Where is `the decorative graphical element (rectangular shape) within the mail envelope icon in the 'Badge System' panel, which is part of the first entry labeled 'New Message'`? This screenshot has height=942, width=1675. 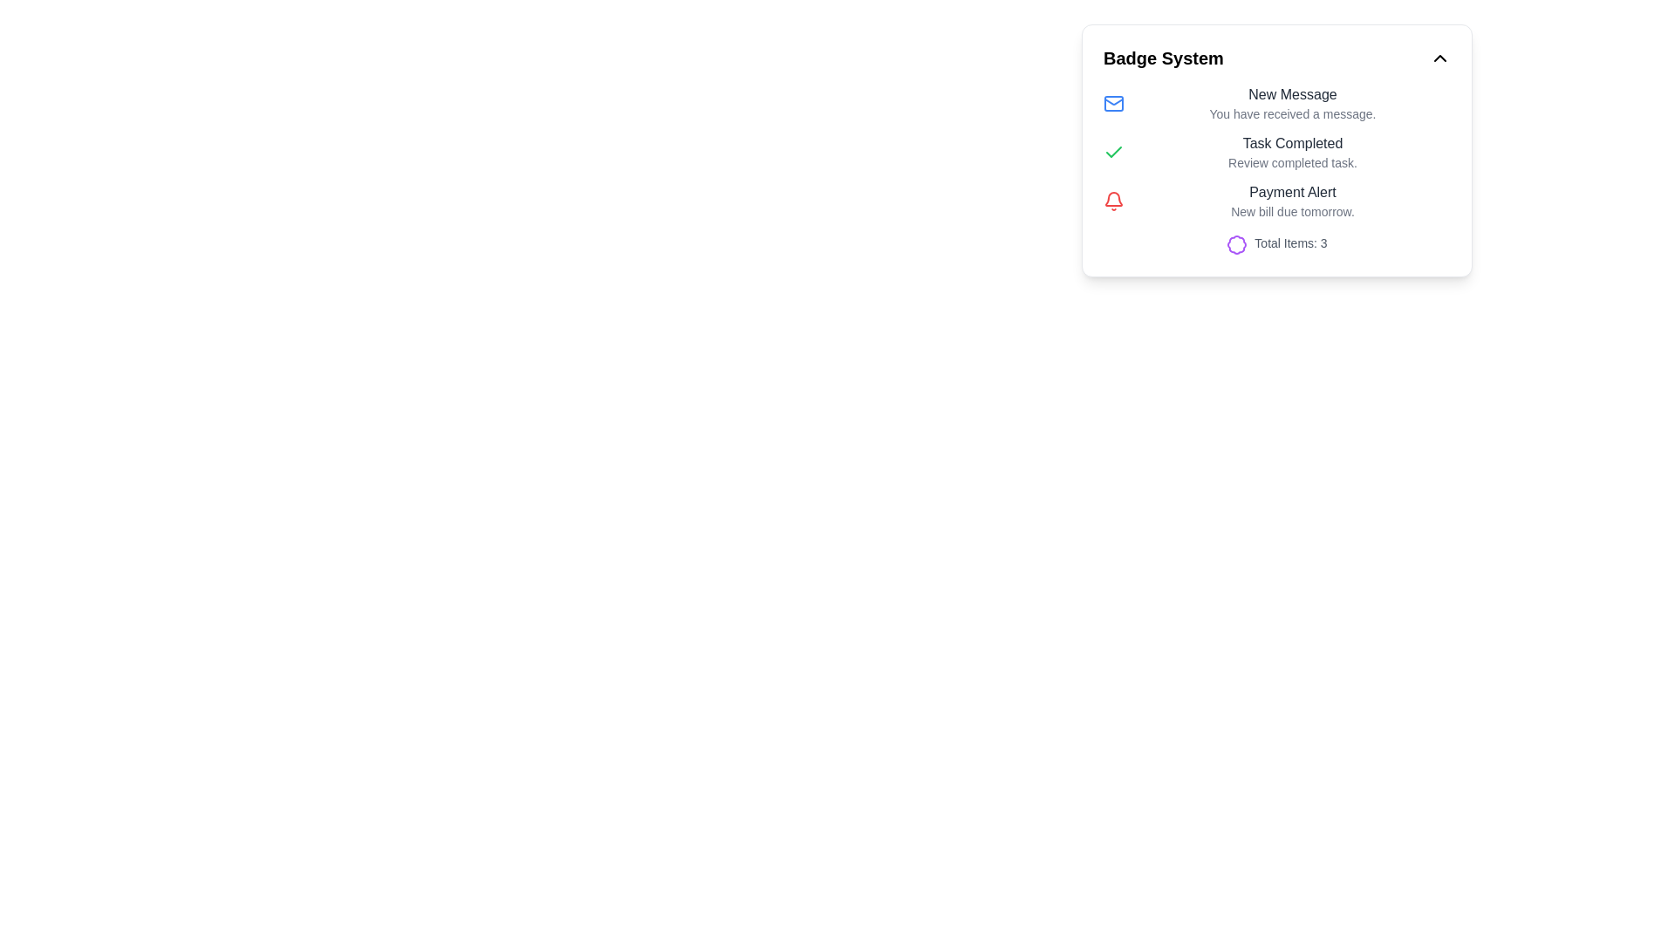 the decorative graphical element (rectangular shape) within the mail envelope icon in the 'Badge System' panel, which is part of the first entry labeled 'New Message' is located at coordinates (1112, 104).